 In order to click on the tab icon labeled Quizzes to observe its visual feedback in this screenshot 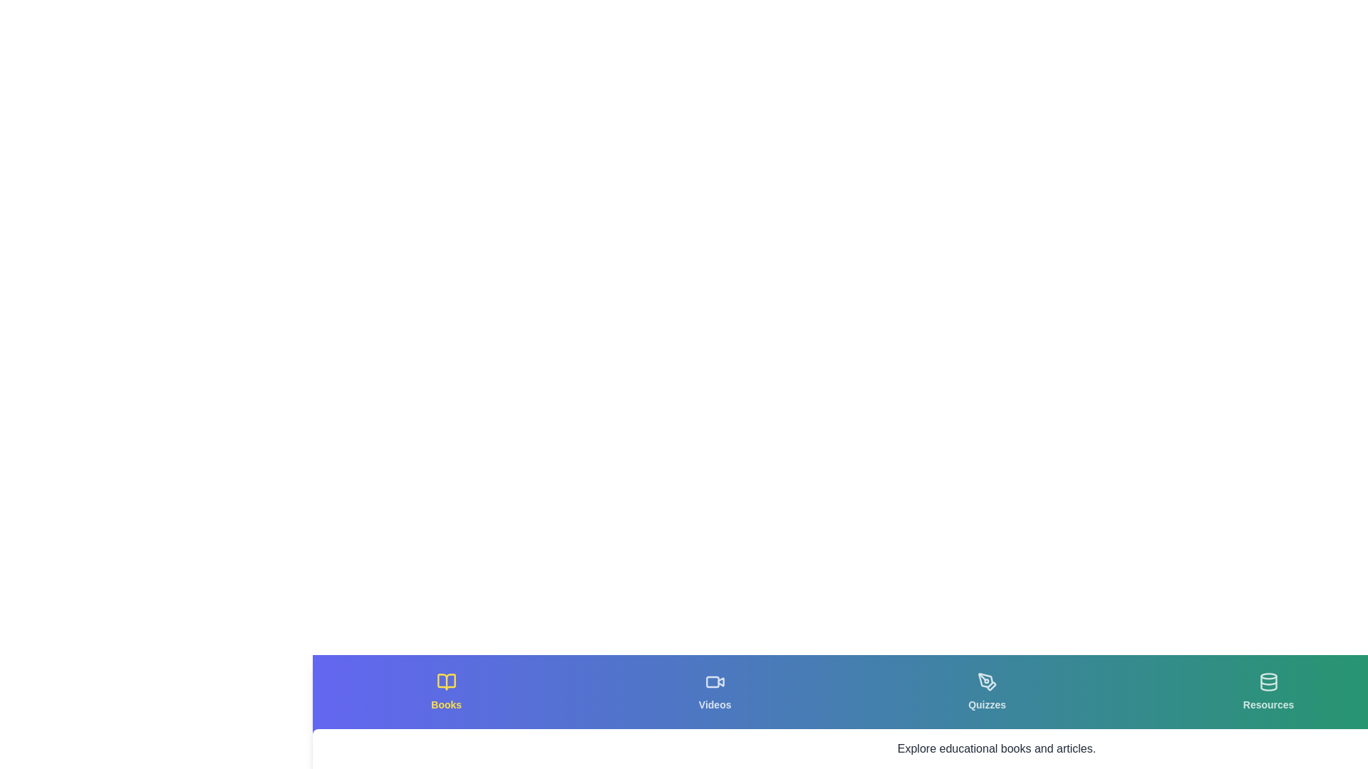, I will do `click(986, 691)`.